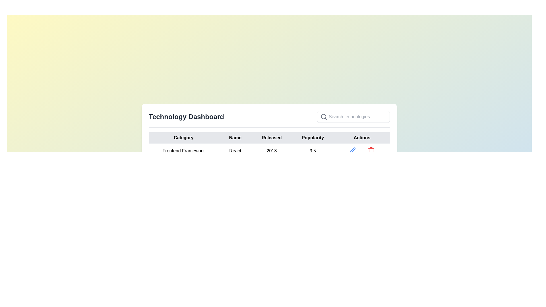 This screenshot has width=546, height=307. What do you see at coordinates (361, 138) in the screenshot?
I see `the text label or header located at the far right end of the horizontal header row, which indicates action-related interaction options for the table` at bounding box center [361, 138].